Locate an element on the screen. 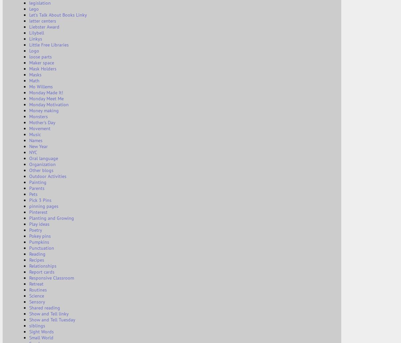 The height and width of the screenshot is (343, 401). 'Lilybell' is located at coordinates (36, 33).